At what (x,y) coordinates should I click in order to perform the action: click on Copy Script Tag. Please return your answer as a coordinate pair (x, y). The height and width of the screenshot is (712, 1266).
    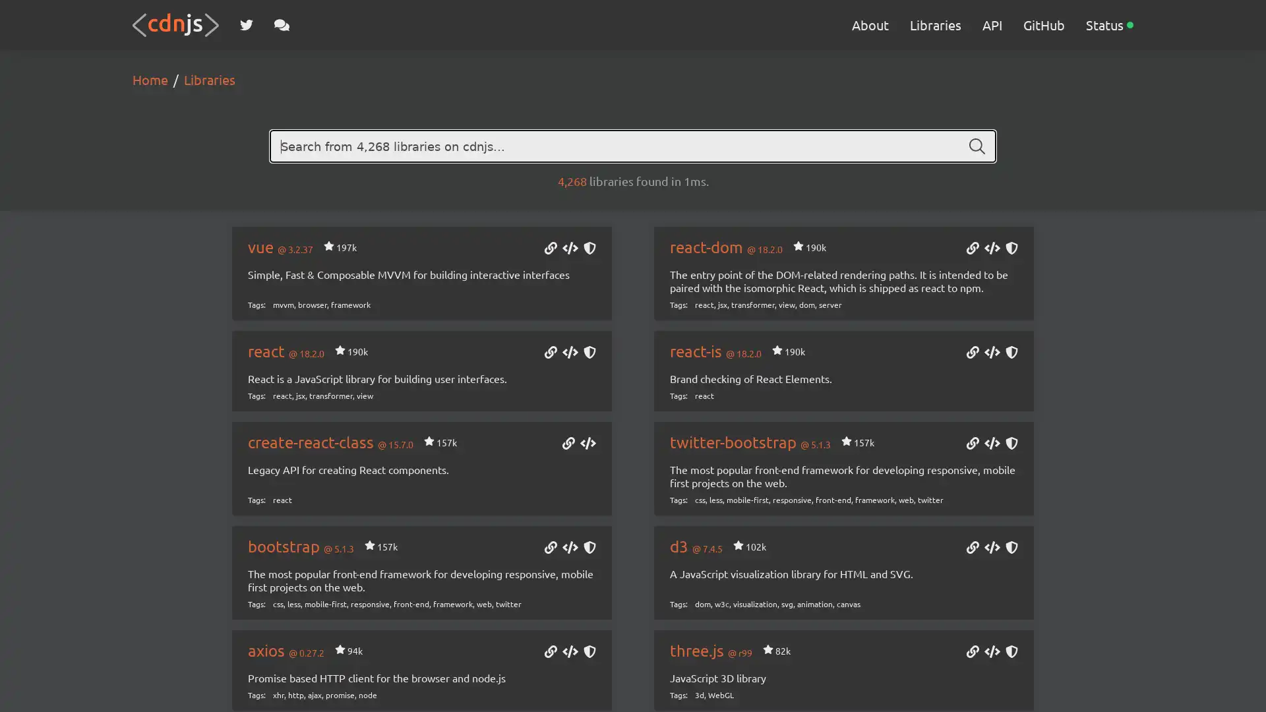
    Looking at the image, I should click on (570, 549).